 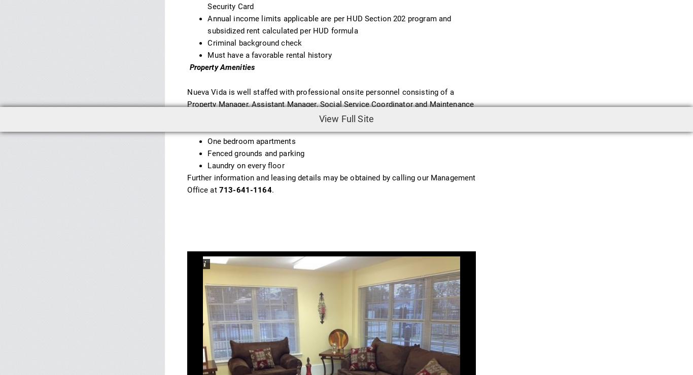 I want to click on 'One bedroom apartments', so click(x=251, y=141).